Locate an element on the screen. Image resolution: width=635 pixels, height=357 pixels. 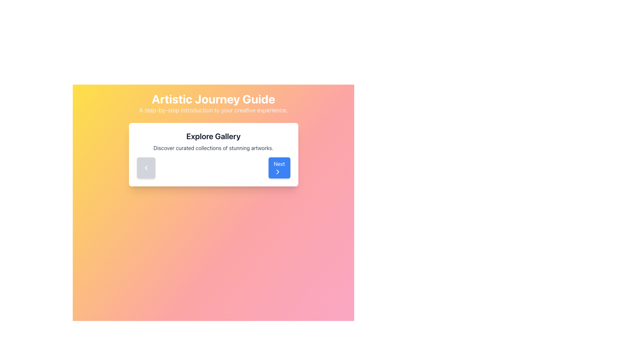
the 'Next' button, which is a medium-sized rectangular button with rounded corners, a vivid blue background, and the text 'Next' in white, located at the bottom right of a prominent card is located at coordinates (279, 168).